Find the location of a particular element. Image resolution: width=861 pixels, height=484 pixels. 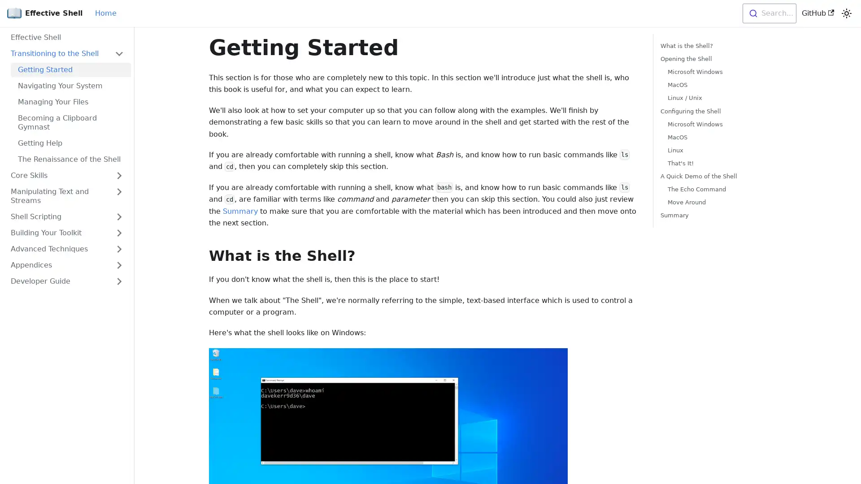

Toggle the collapsible sidebar category 'Advanced Techniques' is located at coordinates (118, 249).